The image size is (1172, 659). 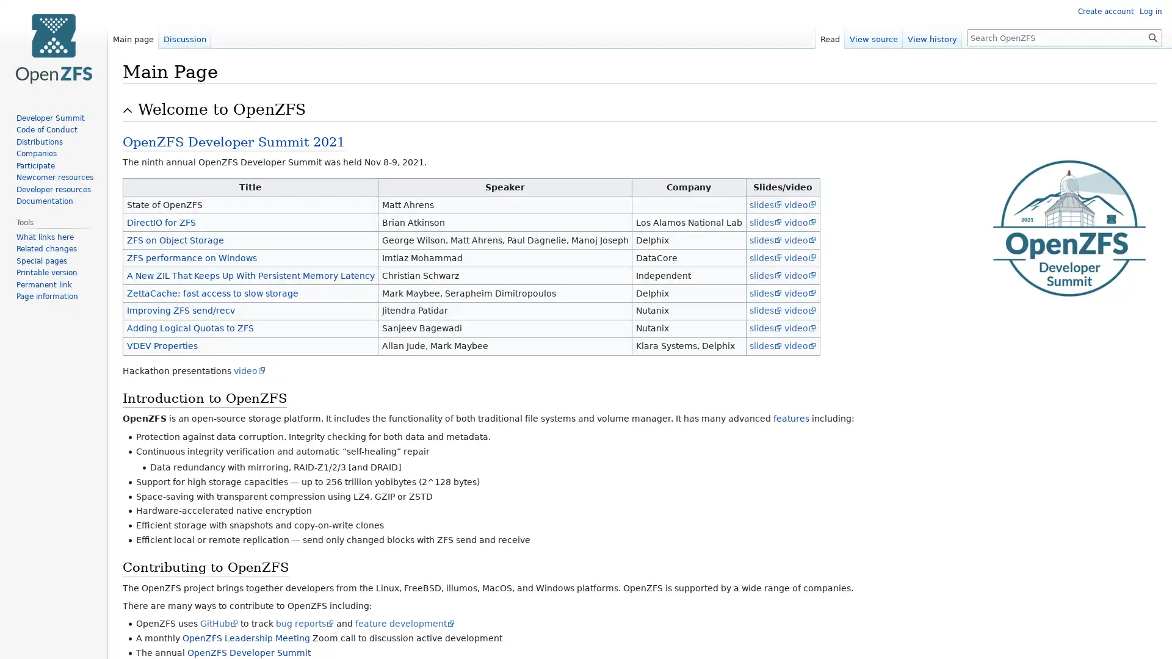 I want to click on Search, so click(x=1152, y=37).